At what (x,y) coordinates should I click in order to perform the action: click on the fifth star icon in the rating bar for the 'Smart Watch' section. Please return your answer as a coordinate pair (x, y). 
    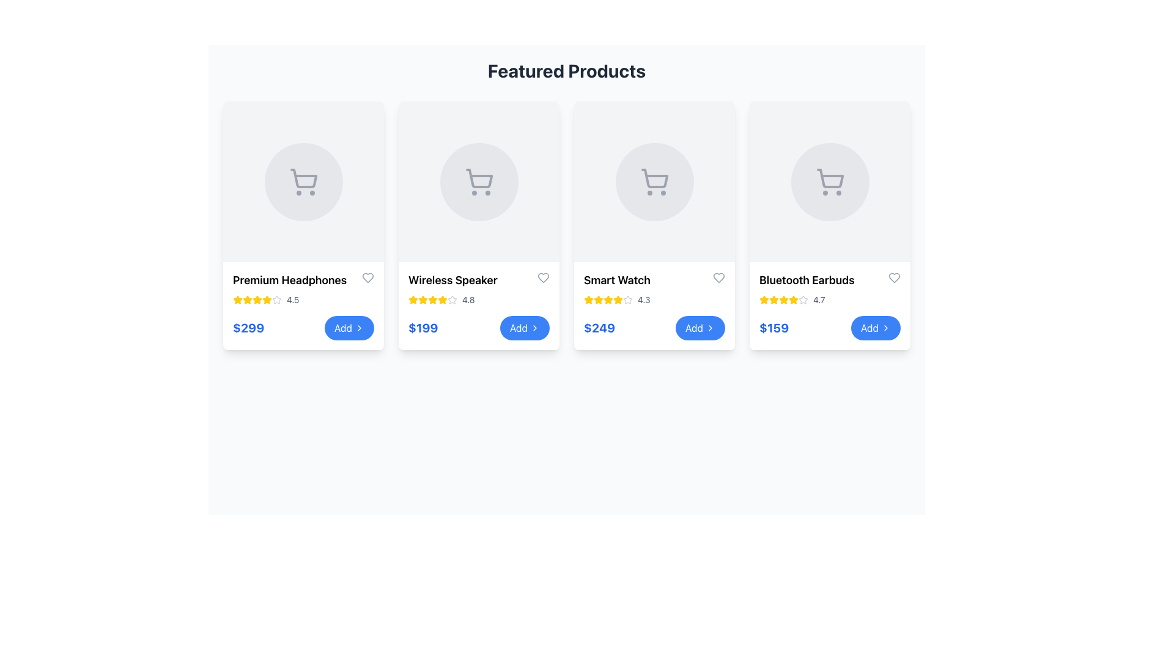
    Looking at the image, I should click on (608, 299).